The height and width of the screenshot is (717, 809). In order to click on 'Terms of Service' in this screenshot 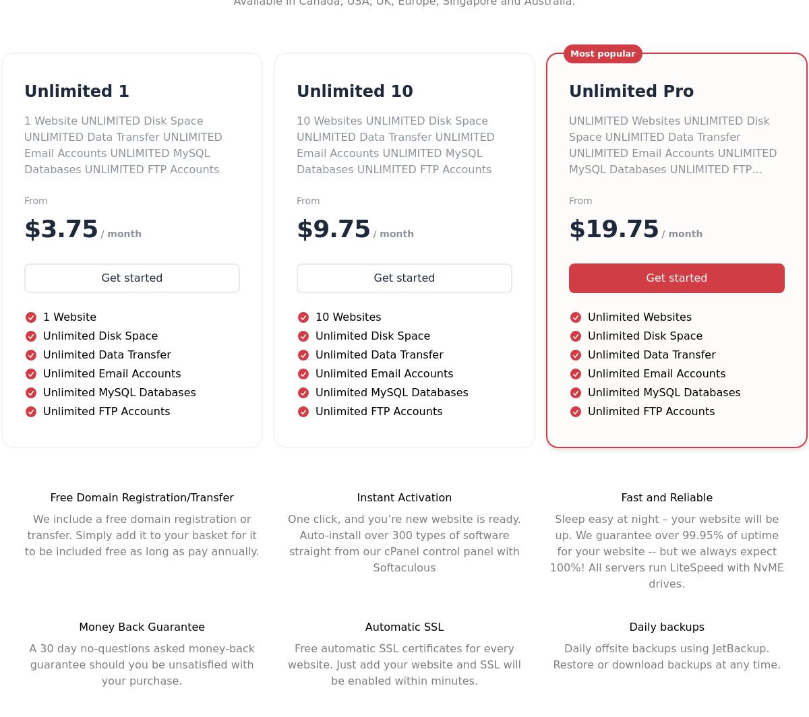, I will do `click(415, 273)`.